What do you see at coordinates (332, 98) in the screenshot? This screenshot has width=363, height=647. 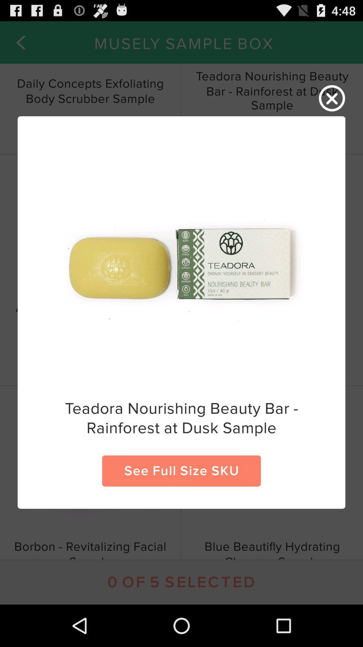 I see `the item above teadora nourishing beauty icon` at bounding box center [332, 98].